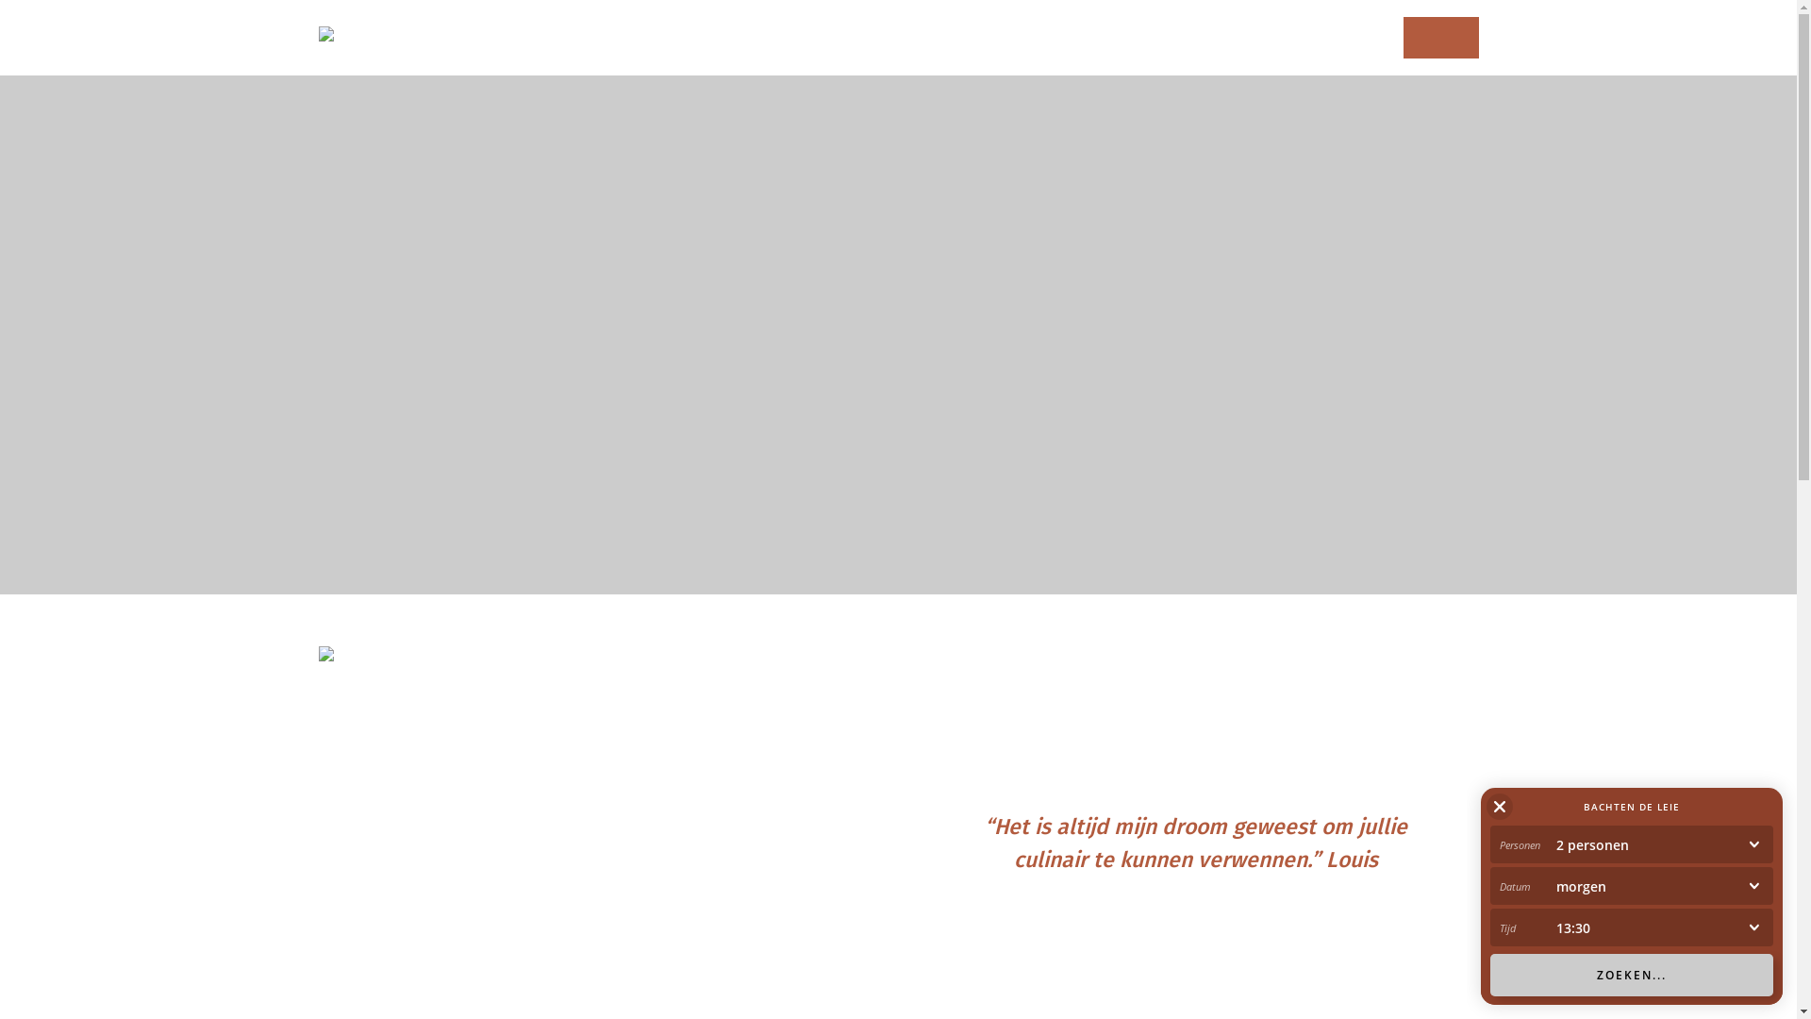  What do you see at coordinates (1439, 37) in the screenshot?
I see `'056 18 57 99'` at bounding box center [1439, 37].